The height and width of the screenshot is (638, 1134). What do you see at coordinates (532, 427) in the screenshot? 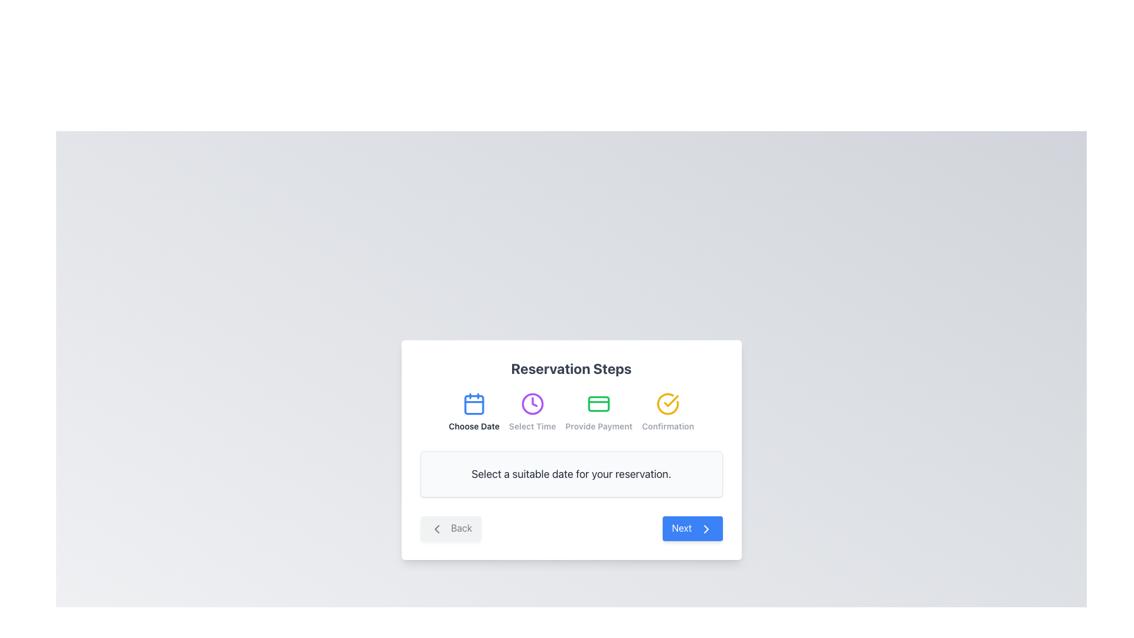
I see `the text label indicating the step for selecting a time in the reservation flow, which is positioned directly under a clock icon` at bounding box center [532, 427].